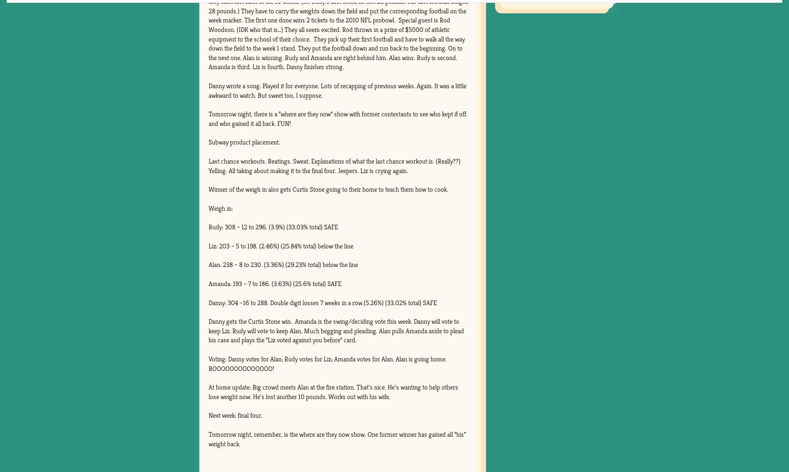 This screenshot has height=472, width=789. What do you see at coordinates (335, 330) in the screenshot?
I see `'Danny gets the Curtis Stone win.  Amanda is the swing/deciding vote this week. Danny will vote to keep Liz. Rudy will vote to keep Alan. Much begging and pleading. Alan pulls Amanda aside to plead his case and plays the “Liz voted against you before” card.'` at bounding box center [335, 330].